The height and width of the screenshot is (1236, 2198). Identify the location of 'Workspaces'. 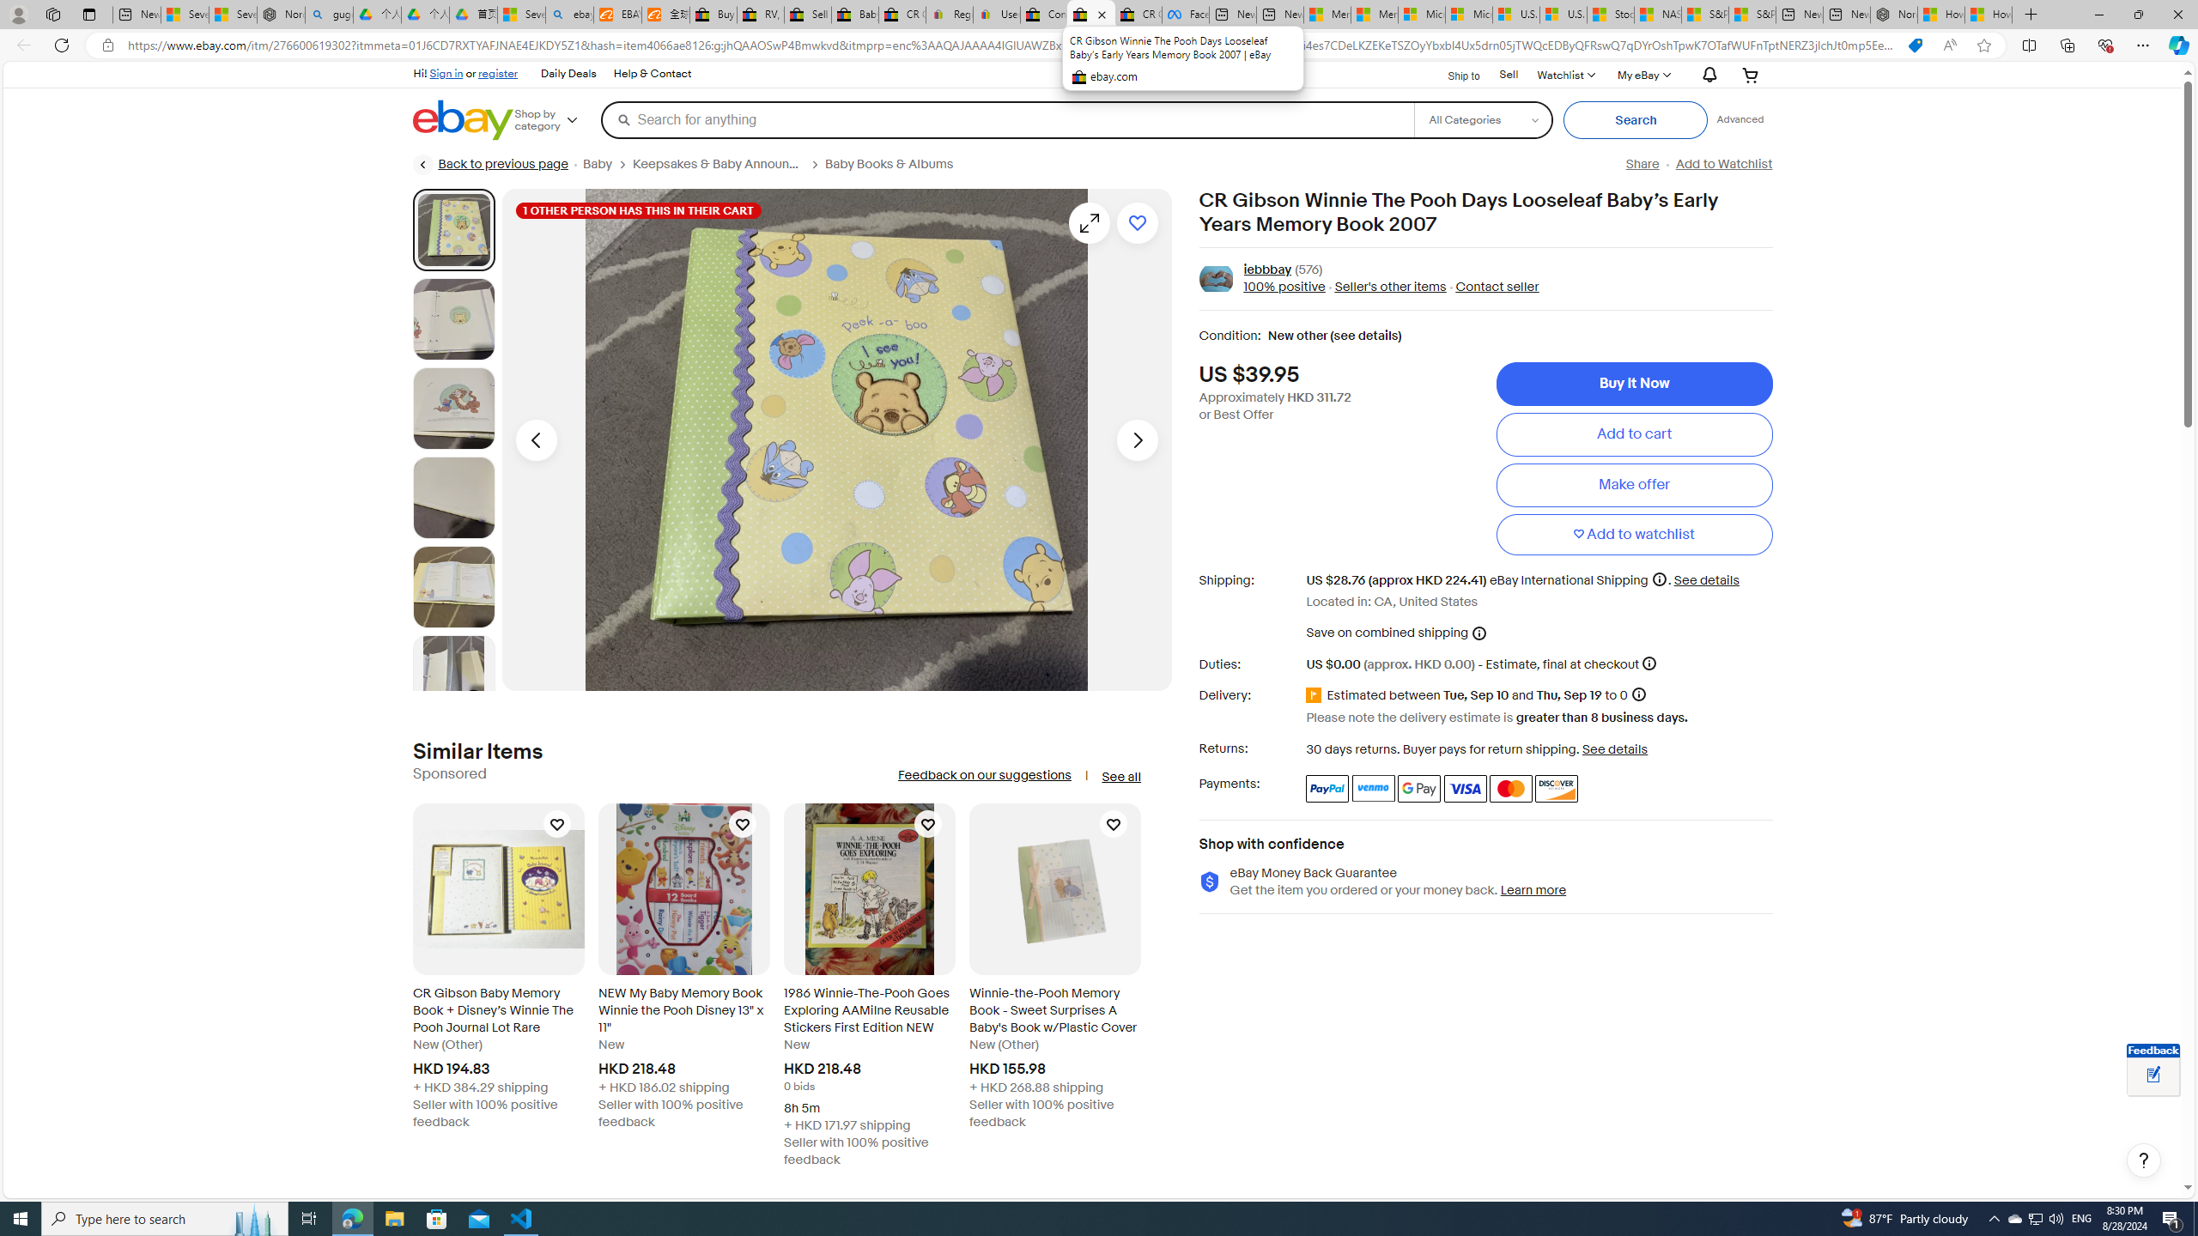
(52, 14).